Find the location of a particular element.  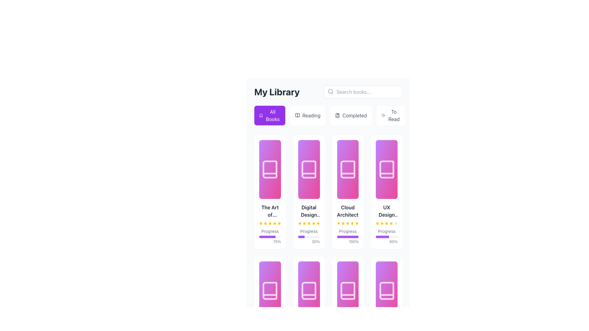

the SVG graphic icon representing a book item in the 'My Library' interface, located in the last tile of the second row is located at coordinates (386, 290).